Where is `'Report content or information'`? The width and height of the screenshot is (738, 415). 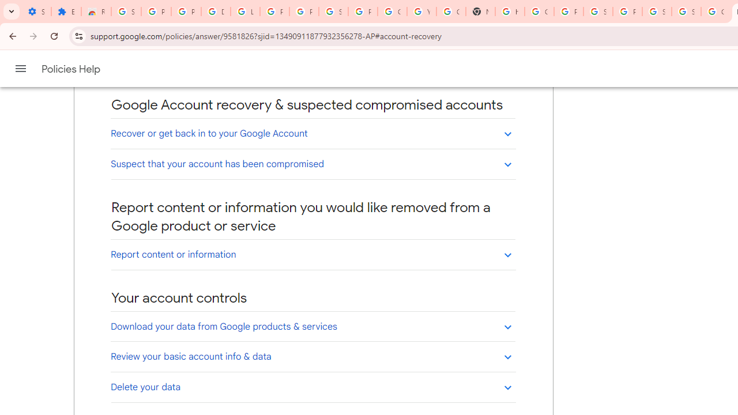 'Report content or information' is located at coordinates (312, 254).